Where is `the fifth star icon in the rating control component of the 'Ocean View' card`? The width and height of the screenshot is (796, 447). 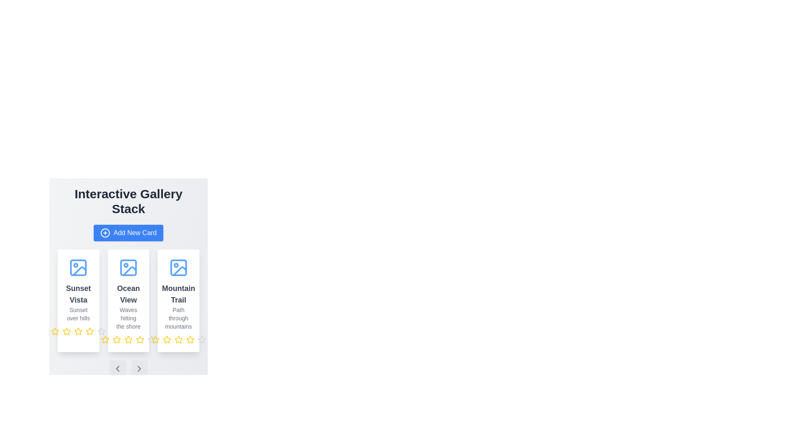 the fifth star icon in the rating control component of the 'Ocean View' card is located at coordinates (101, 331).